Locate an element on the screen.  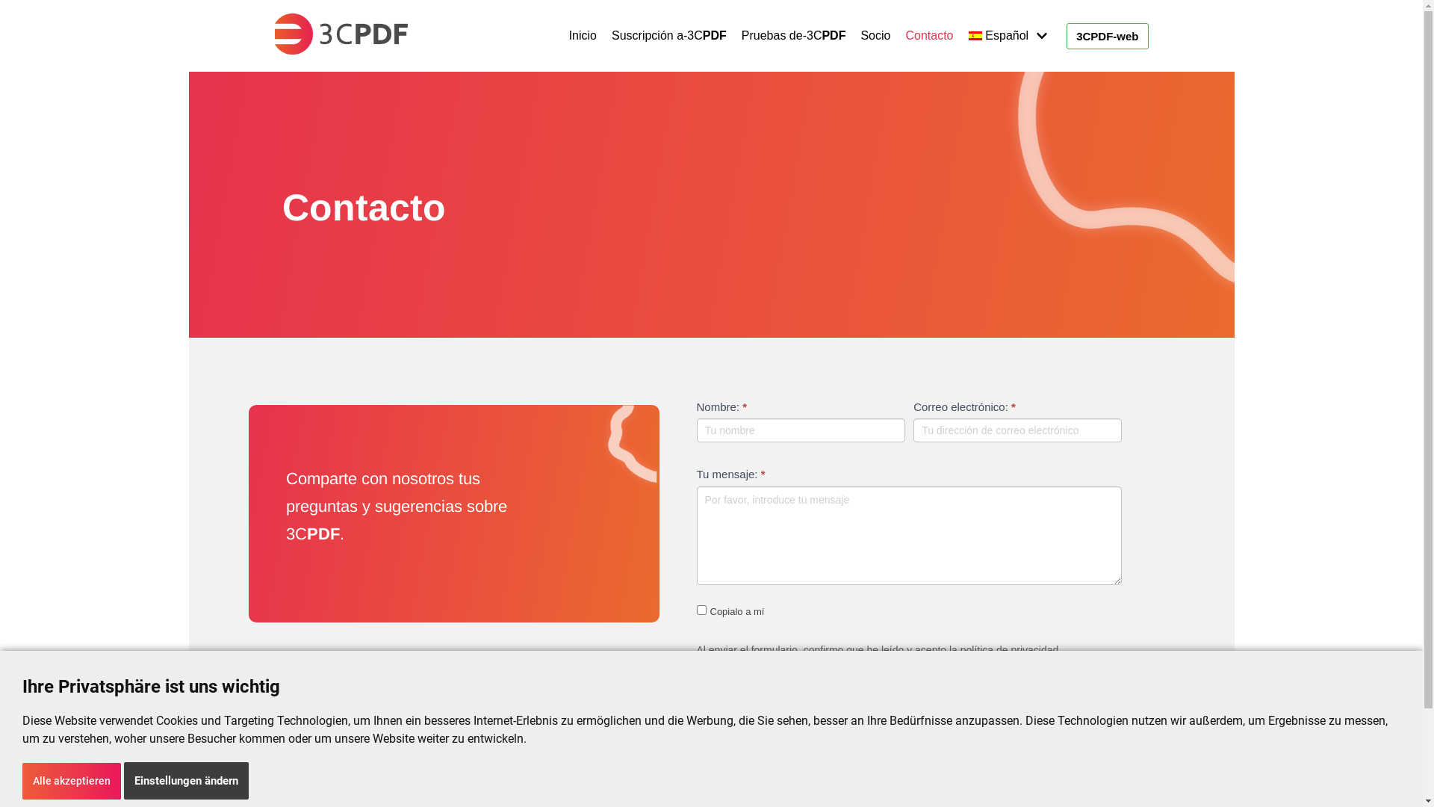
'Saltar al contenido' is located at coordinates (14, 31).